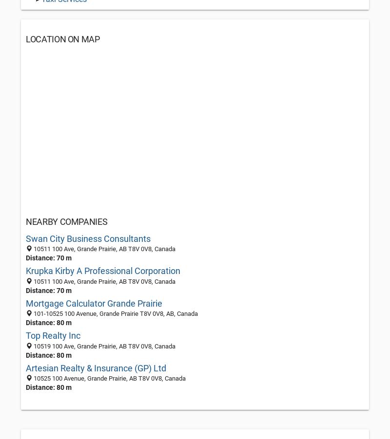 Image resolution: width=390 pixels, height=439 pixels. I want to click on 'Top Realty Inc', so click(52, 336).